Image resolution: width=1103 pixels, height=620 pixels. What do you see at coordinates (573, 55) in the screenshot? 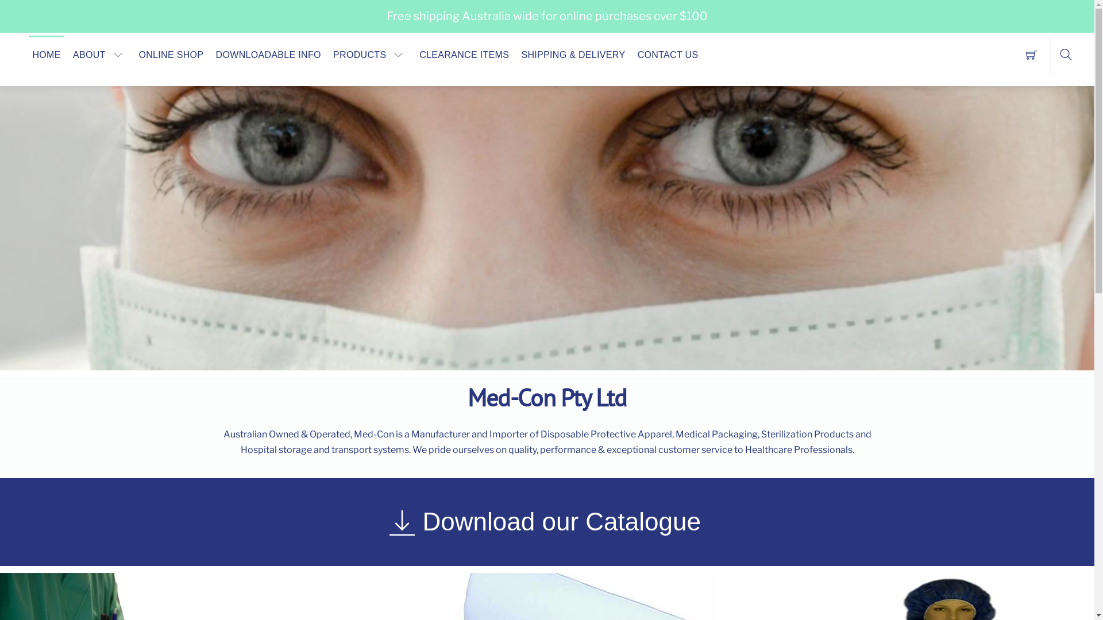
I see `'SHIPPING & DELIVERY'` at bounding box center [573, 55].